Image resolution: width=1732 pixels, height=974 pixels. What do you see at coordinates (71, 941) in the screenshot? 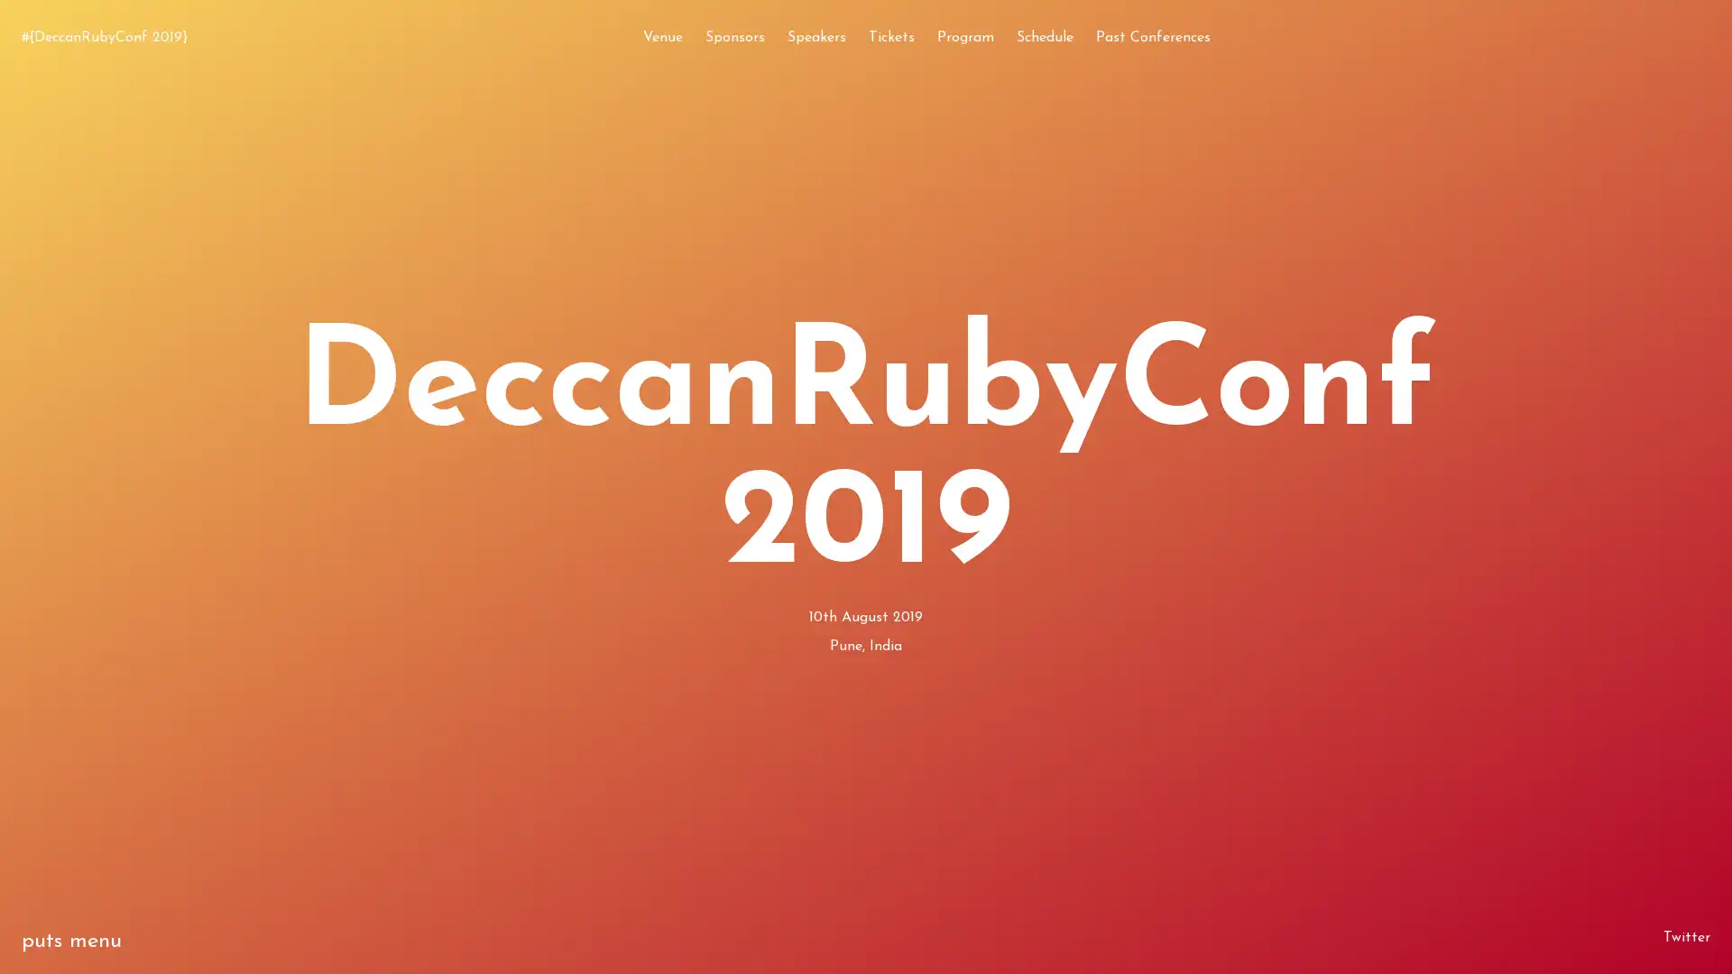
I see `puts menu` at bounding box center [71, 941].